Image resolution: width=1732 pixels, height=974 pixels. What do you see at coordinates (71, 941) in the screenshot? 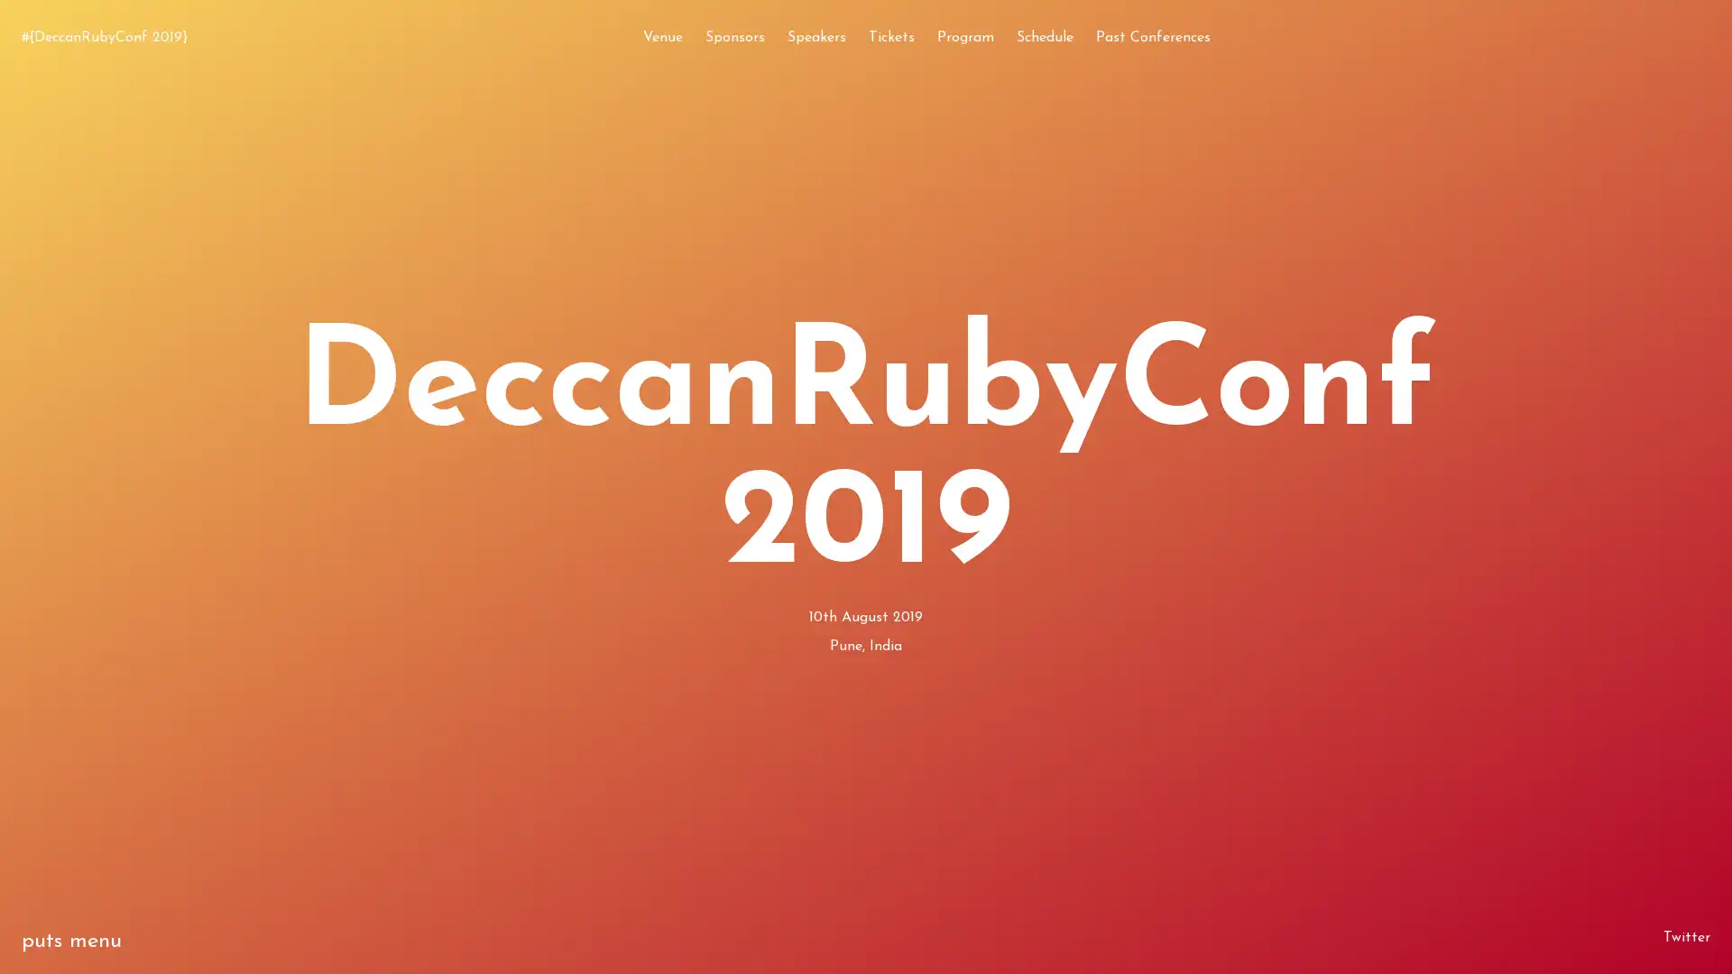
I see `puts menu` at bounding box center [71, 941].